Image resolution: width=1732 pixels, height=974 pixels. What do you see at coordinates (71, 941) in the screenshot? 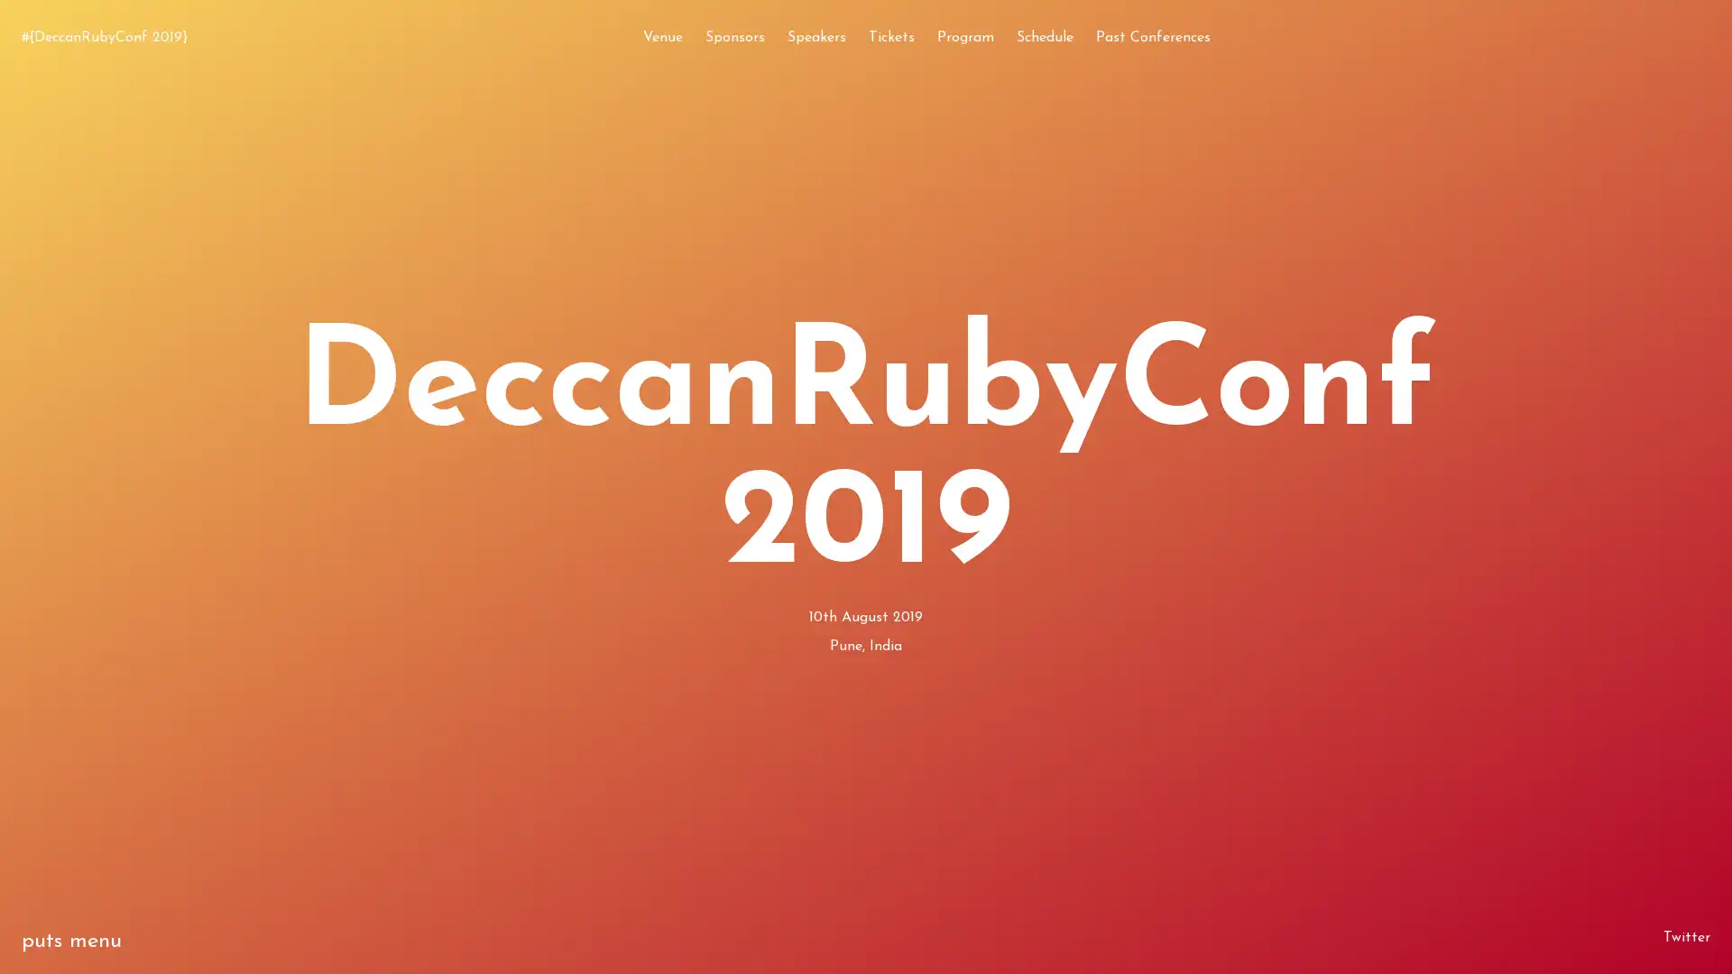
I see `puts menu` at bounding box center [71, 941].